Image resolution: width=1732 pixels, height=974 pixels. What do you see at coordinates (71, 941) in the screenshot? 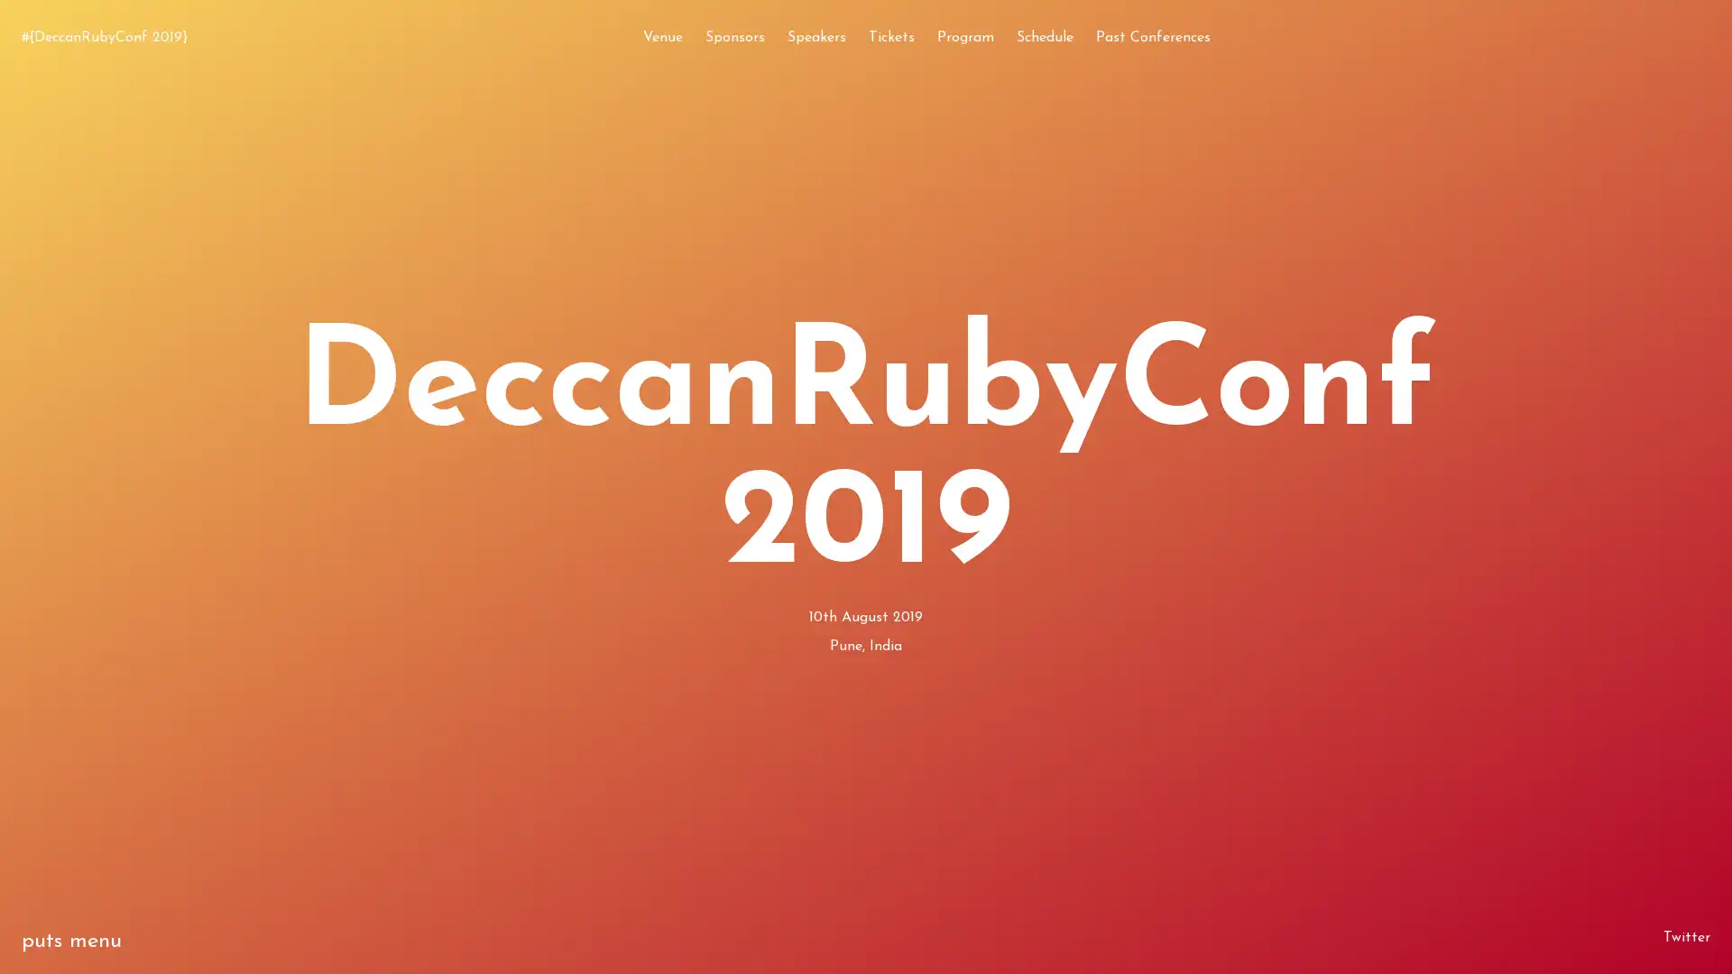
I see `puts menu` at bounding box center [71, 941].